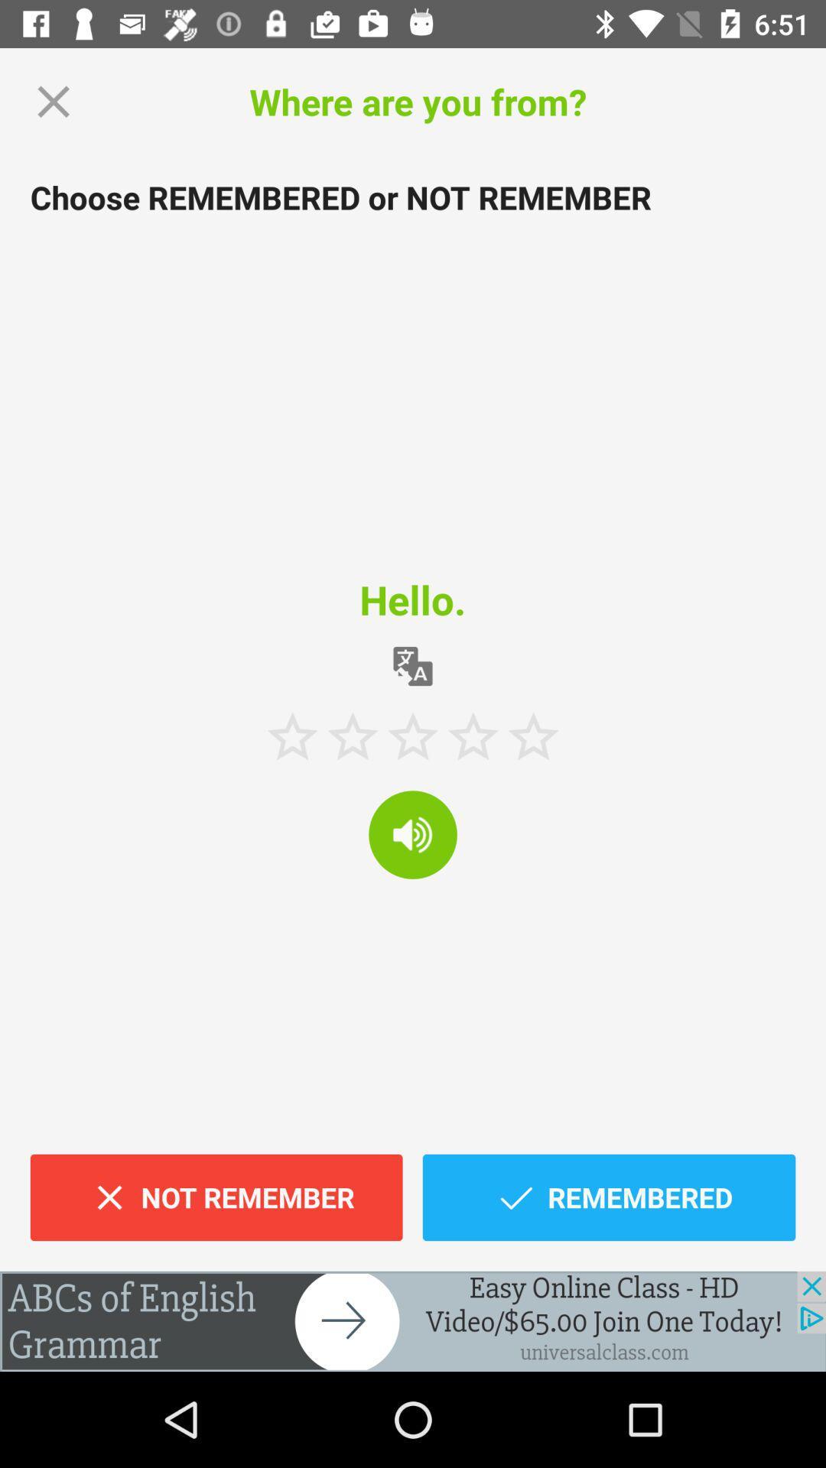  I want to click on advertisement, so click(413, 1320).